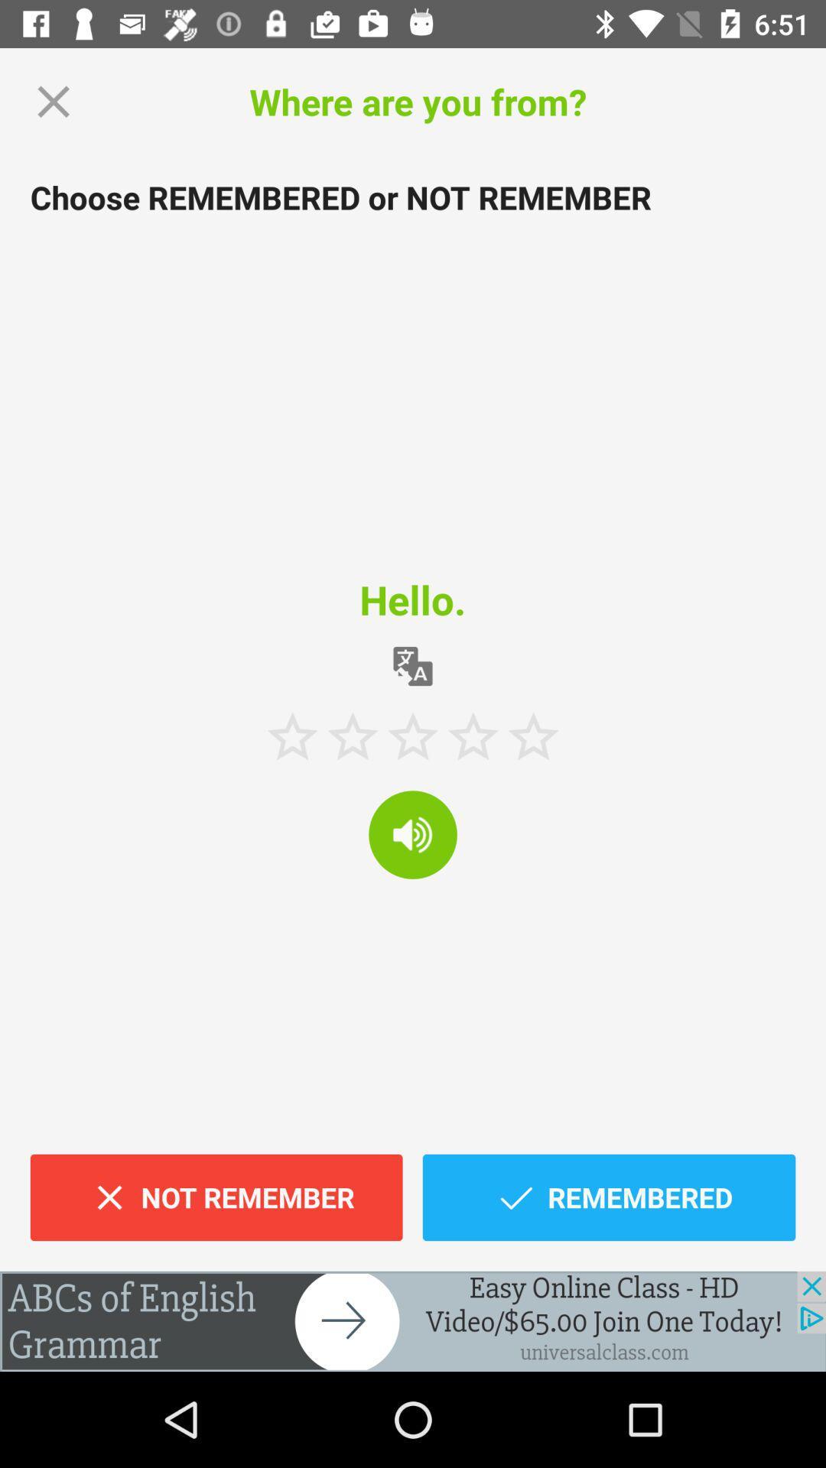  I want to click on advertisement, so click(413, 1320).